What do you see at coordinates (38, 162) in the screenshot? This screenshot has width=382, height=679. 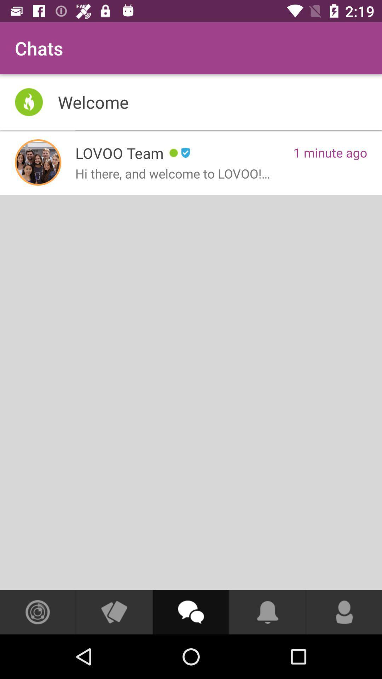 I see `item next to the lovoo team` at bounding box center [38, 162].